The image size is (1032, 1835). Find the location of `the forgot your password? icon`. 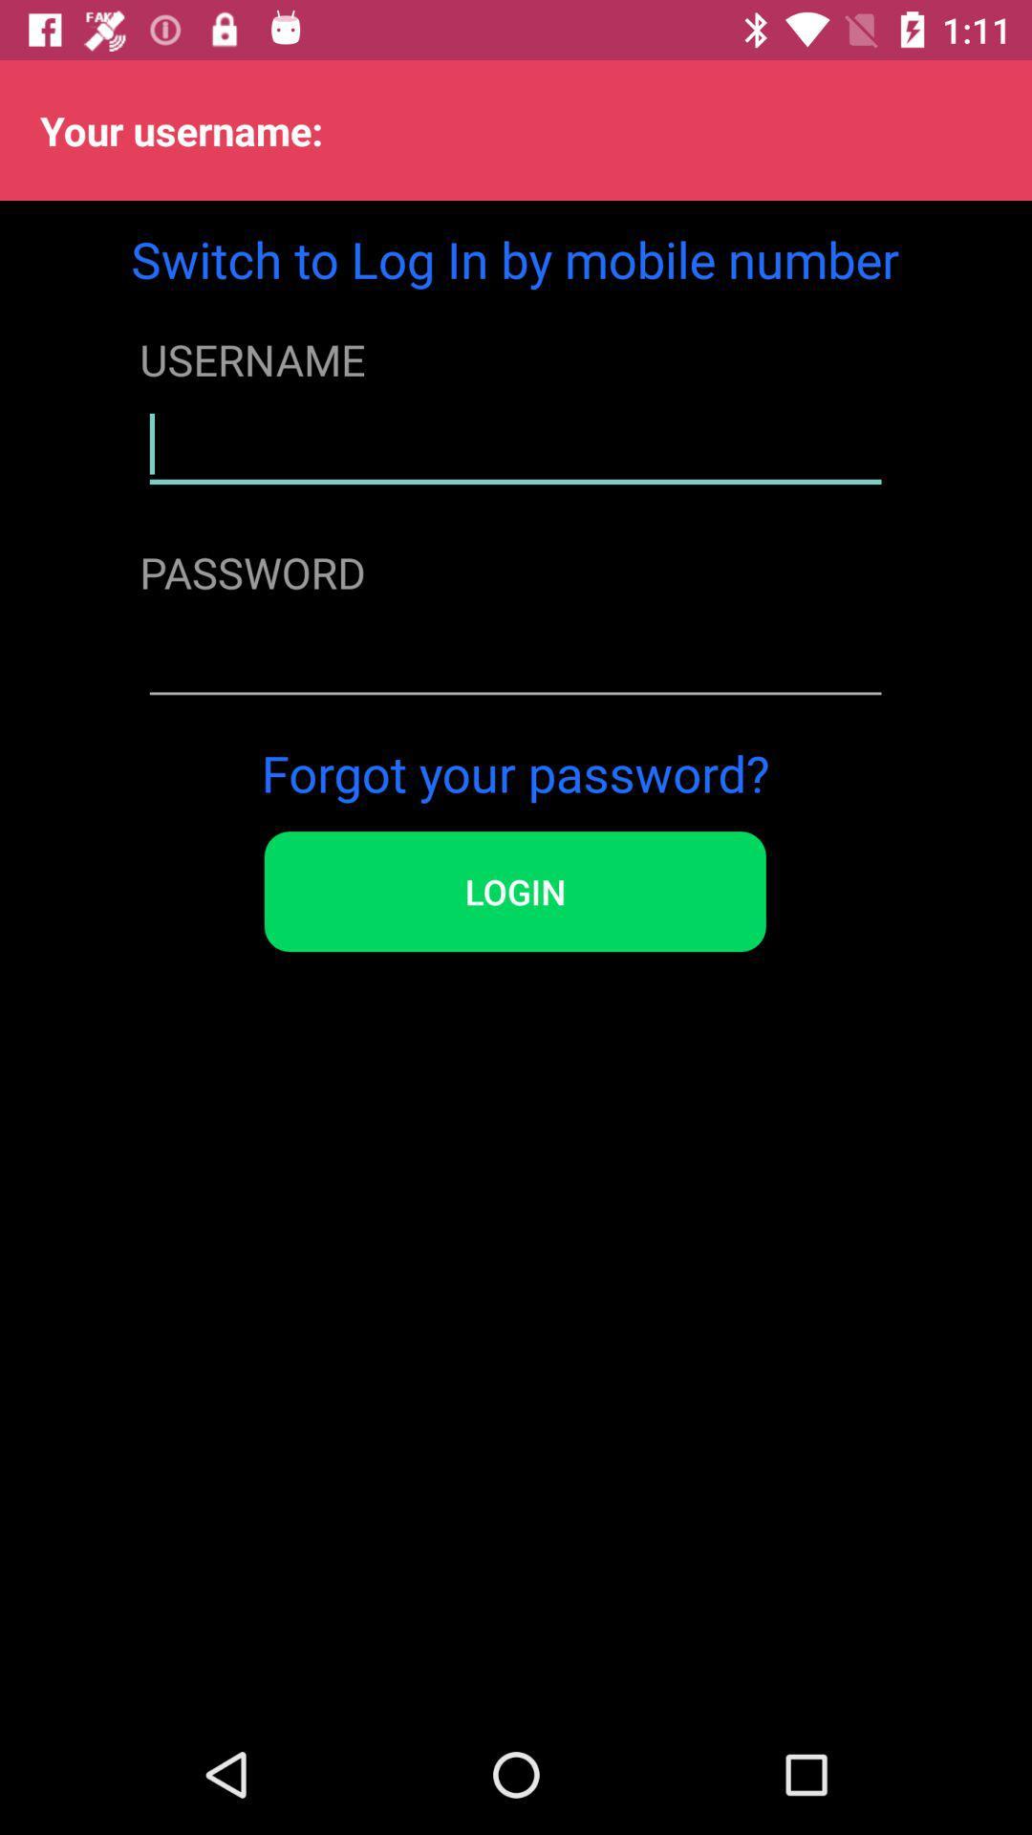

the forgot your password? icon is located at coordinates (514, 772).